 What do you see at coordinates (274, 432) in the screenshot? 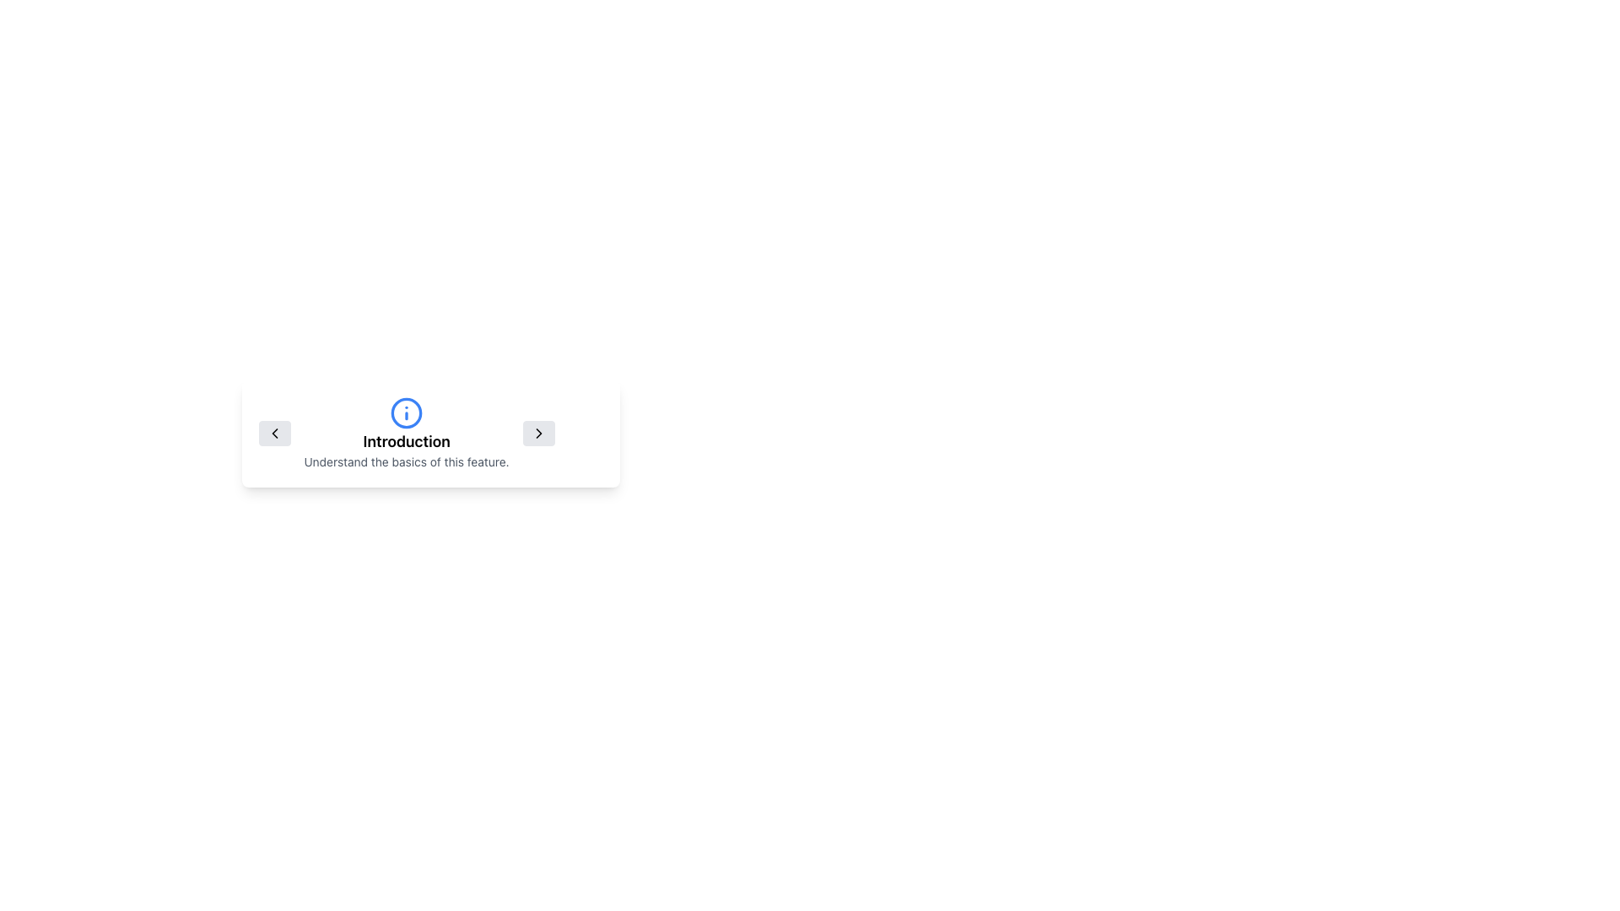
I see `the back navigation icon located within a small rectangular button on the left side of a row of interactive elements to initiate navigation to the previous view` at bounding box center [274, 432].